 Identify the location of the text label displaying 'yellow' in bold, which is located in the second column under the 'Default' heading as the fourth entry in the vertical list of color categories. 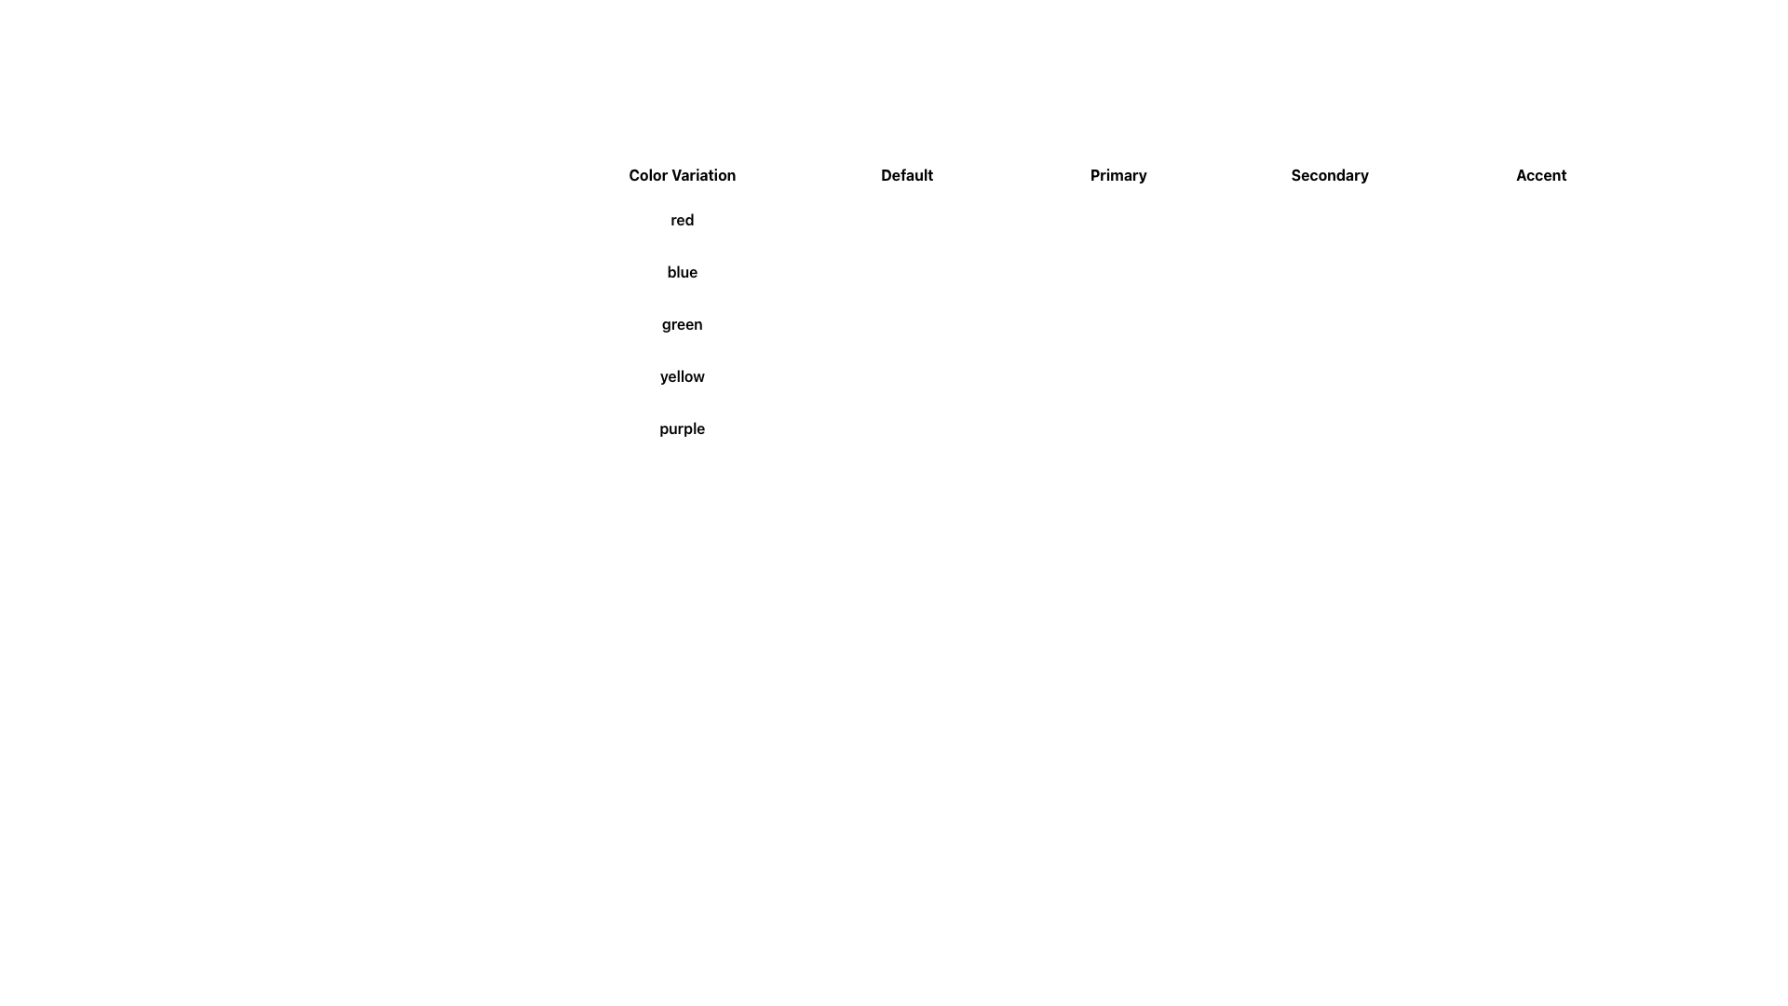
(681, 376).